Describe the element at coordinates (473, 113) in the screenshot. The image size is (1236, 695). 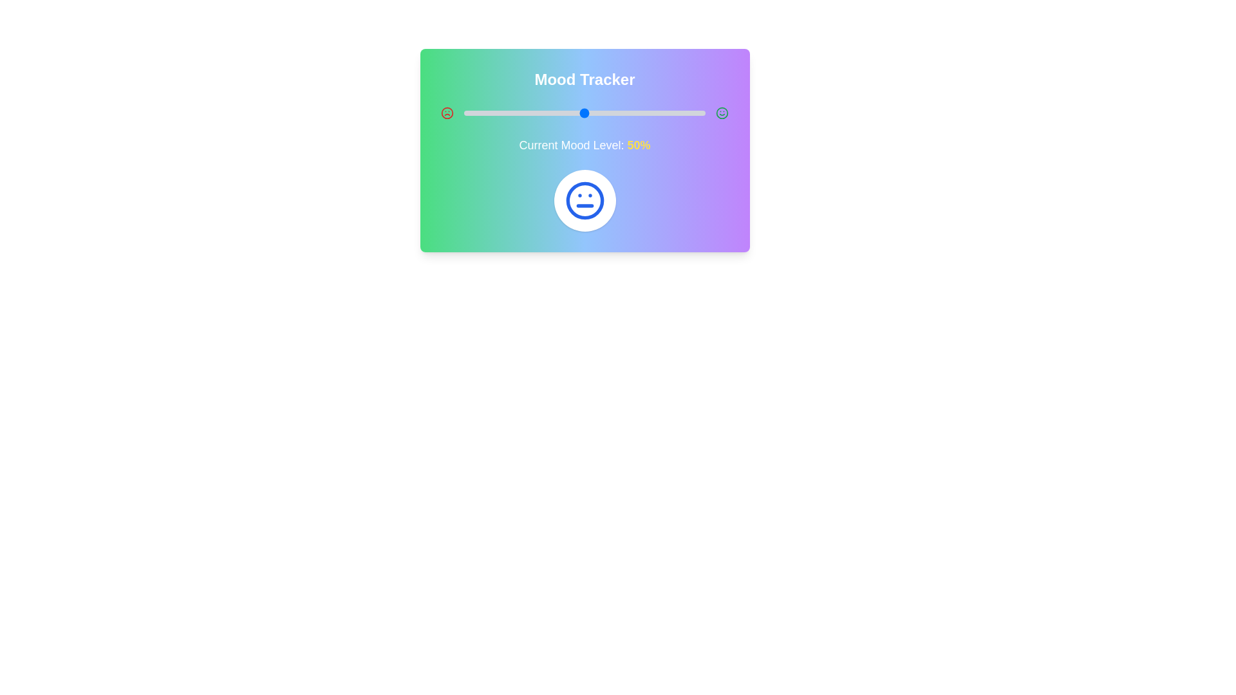
I see `the mood level to 4% by dragging the slider` at that location.